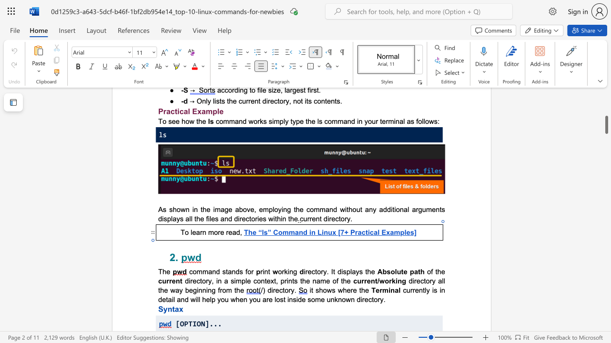  What do you see at coordinates (281, 121) in the screenshot?
I see `the 1th character "p" in the text` at bounding box center [281, 121].